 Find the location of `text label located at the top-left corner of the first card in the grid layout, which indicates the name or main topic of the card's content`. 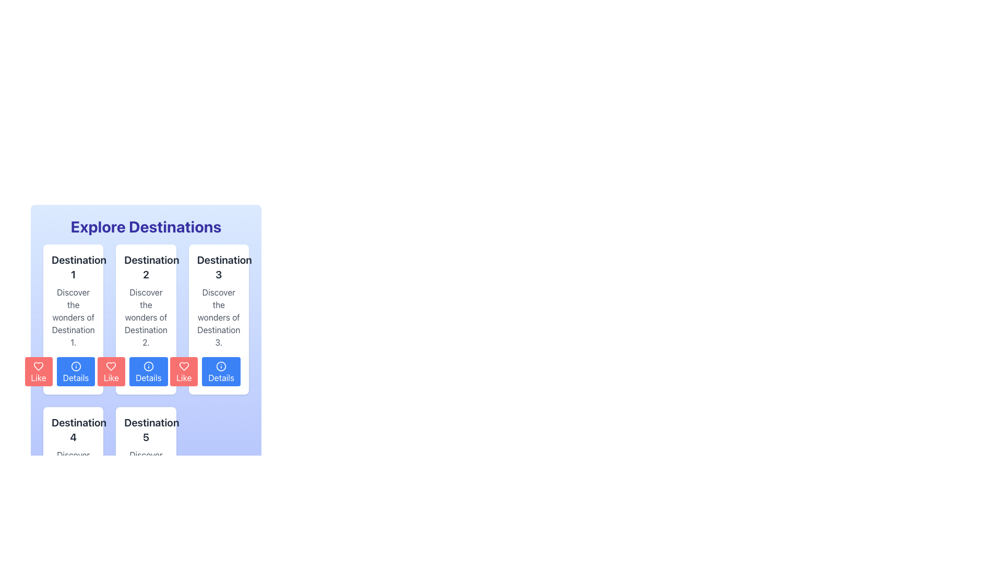

text label located at the top-left corner of the first card in the grid layout, which indicates the name or main topic of the card's content is located at coordinates (73, 267).